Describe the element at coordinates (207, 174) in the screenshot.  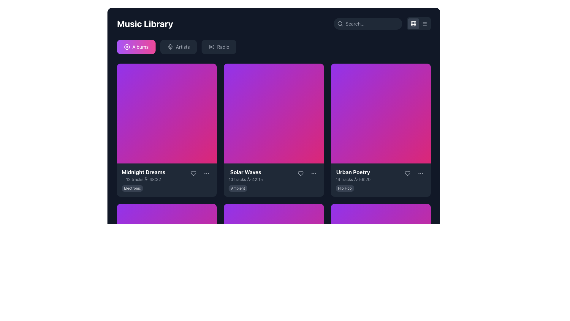
I see `the vertically-aligned ellipsis icon, which is the primary icon within the interactive circular button located at the bottom-right corner of the 'Midnight Dreams' card` at that location.